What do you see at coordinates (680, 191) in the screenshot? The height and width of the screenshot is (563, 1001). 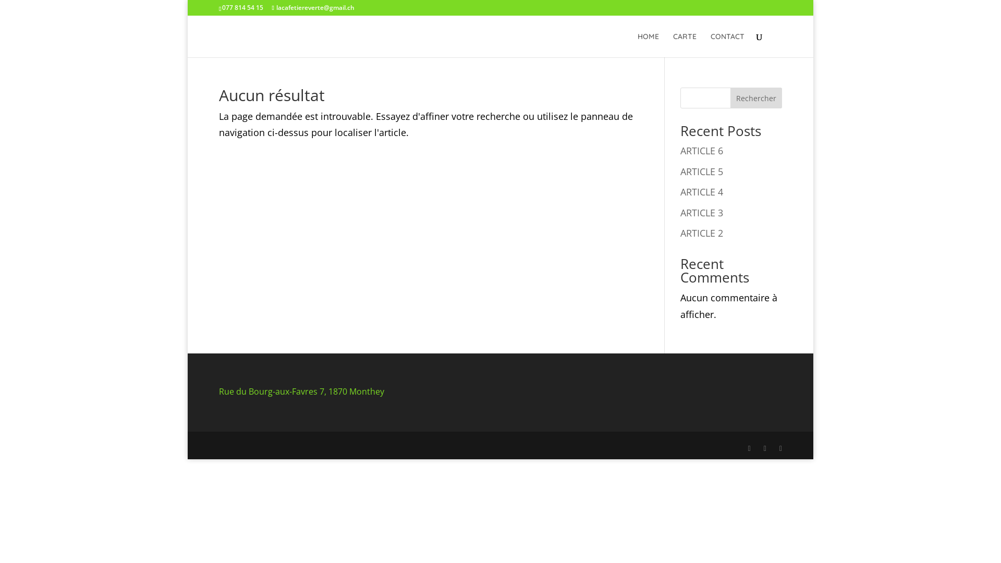 I see `'ARTICLE 4'` at bounding box center [680, 191].